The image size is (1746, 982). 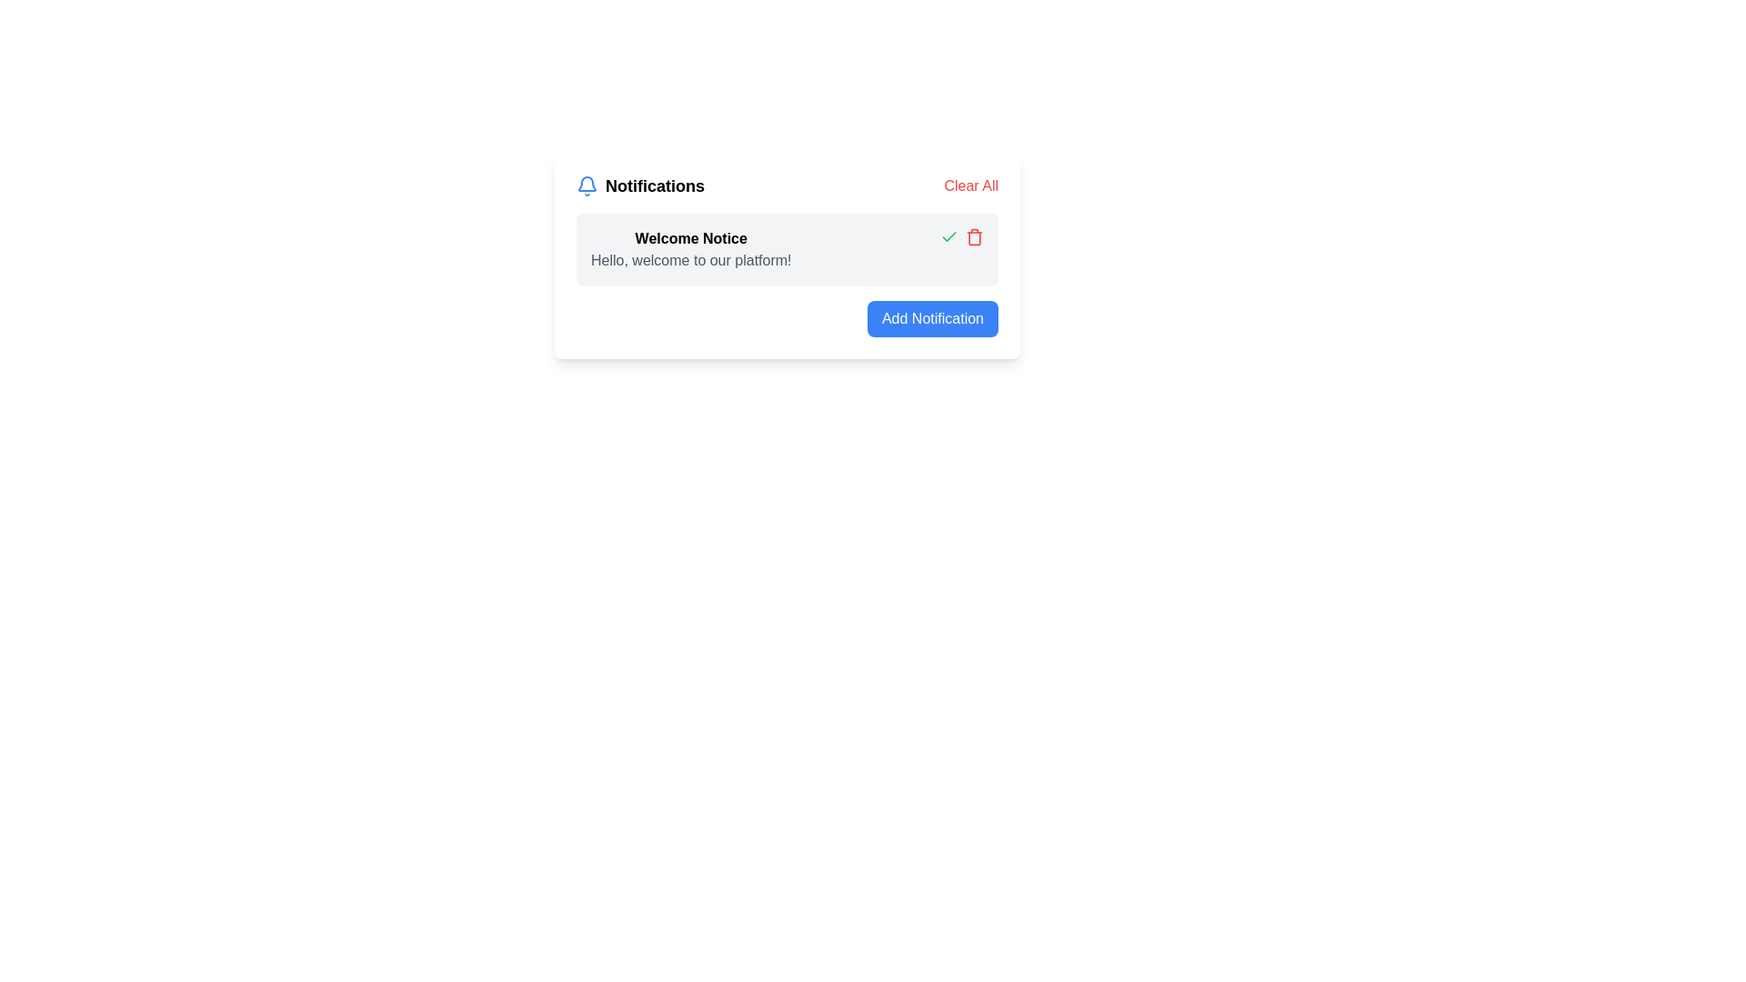 What do you see at coordinates (948, 236) in the screenshot?
I see `the confirmation icon, which is the first in a horizontal row next to the notification text` at bounding box center [948, 236].